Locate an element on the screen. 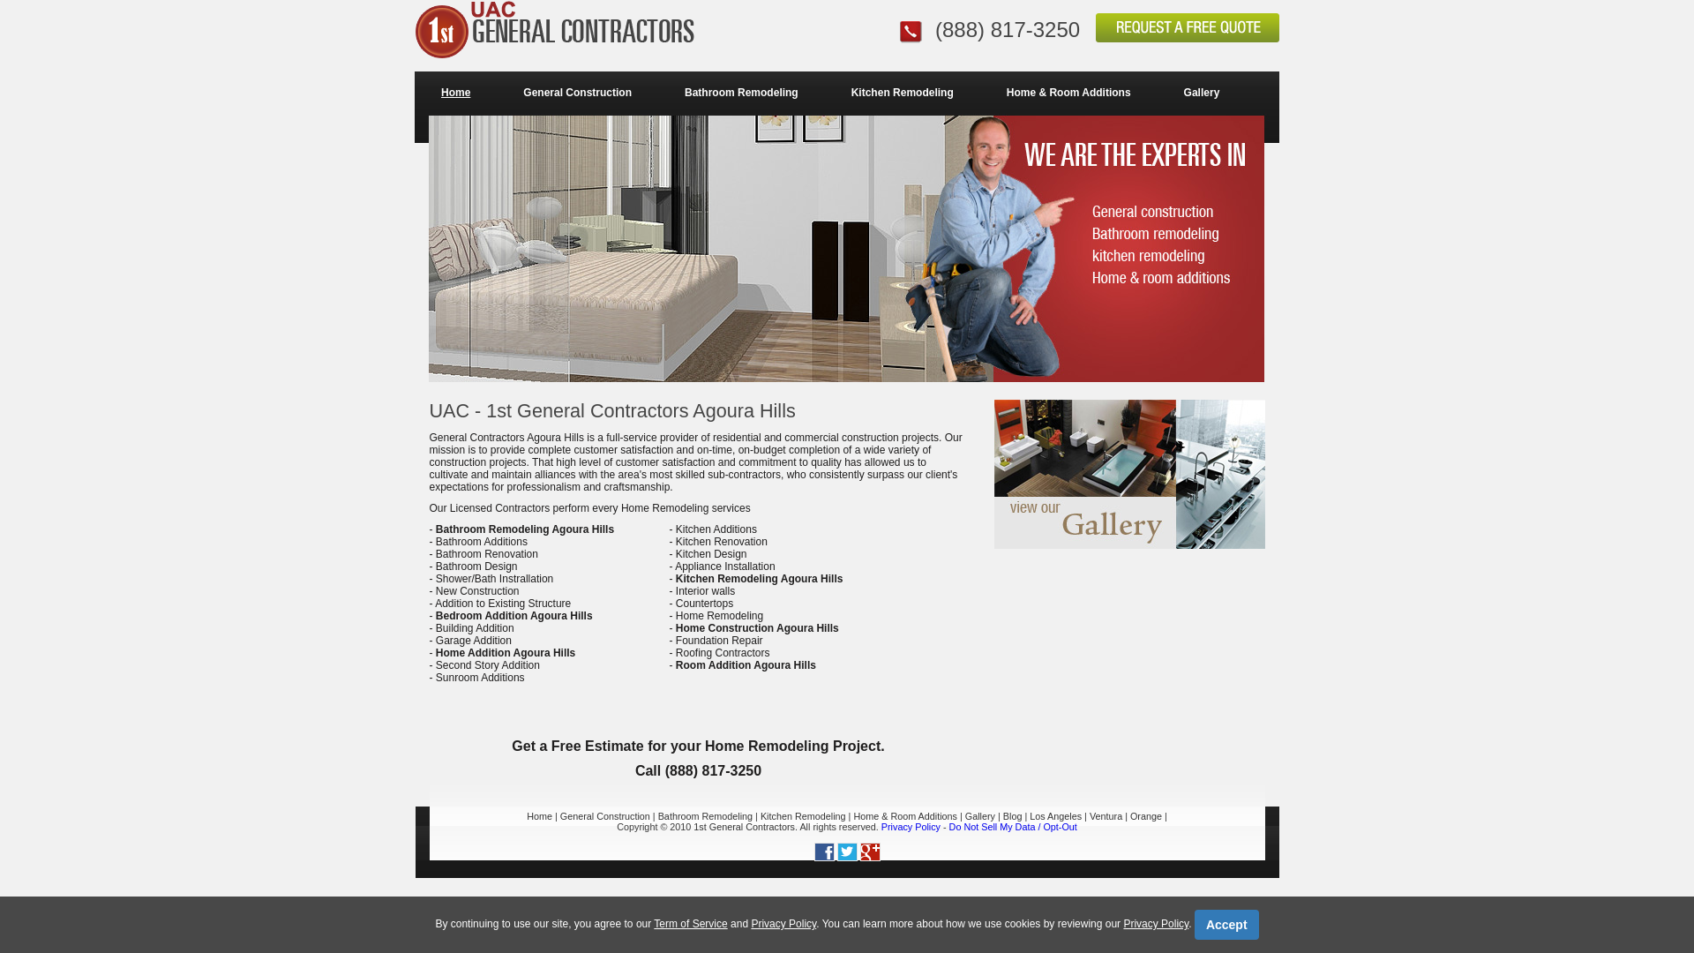 The height and width of the screenshot is (953, 1694). 'Bathroom Remodeling' is located at coordinates (704, 816).